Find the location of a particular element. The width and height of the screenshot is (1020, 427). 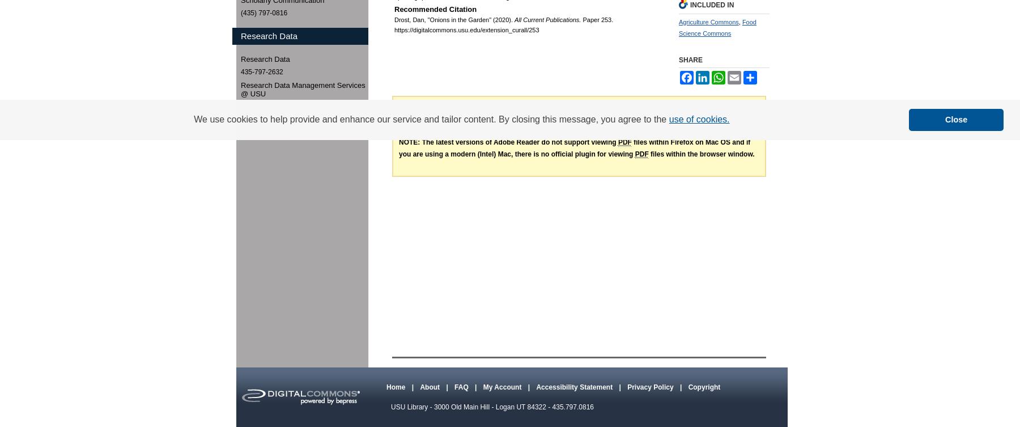

'https://digitalcommons.usu.edu/extension_curall/253' is located at coordinates (394, 30).